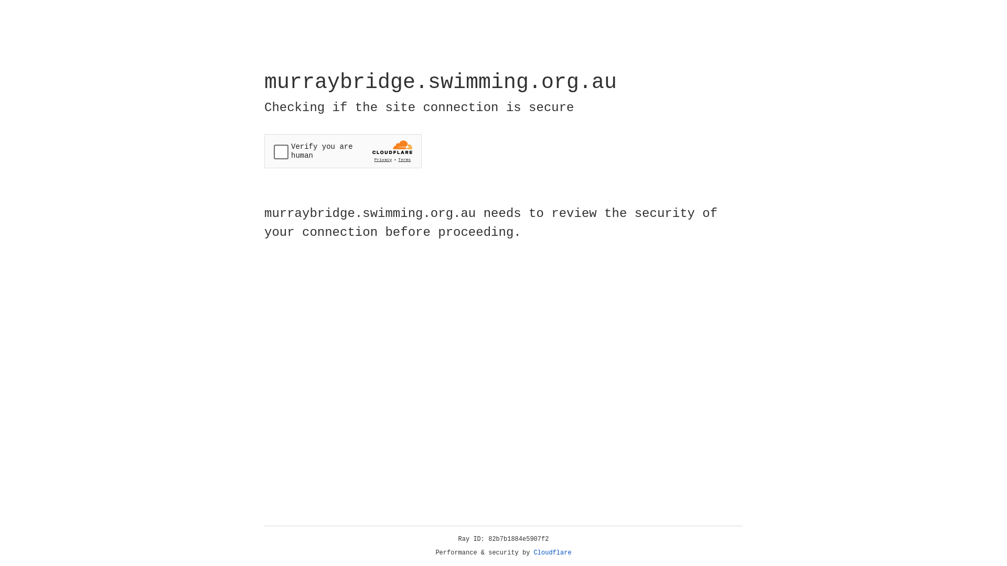 This screenshot has width=1007, height=566. What do you see at coordinates (533, 552) in the screenshot?
I see `'Cloudflare'` at bounding box center [533, 552].